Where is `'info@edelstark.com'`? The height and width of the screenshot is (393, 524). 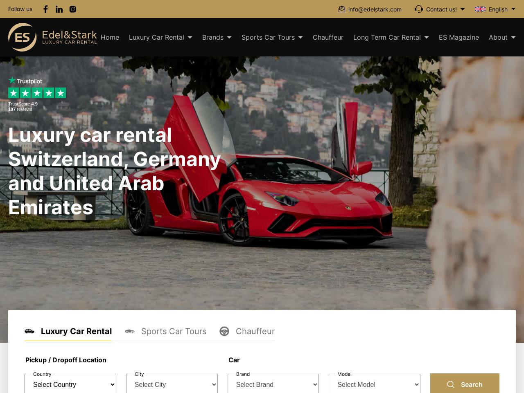 'info@edelstark.com' is located at coordinates (374, 8).